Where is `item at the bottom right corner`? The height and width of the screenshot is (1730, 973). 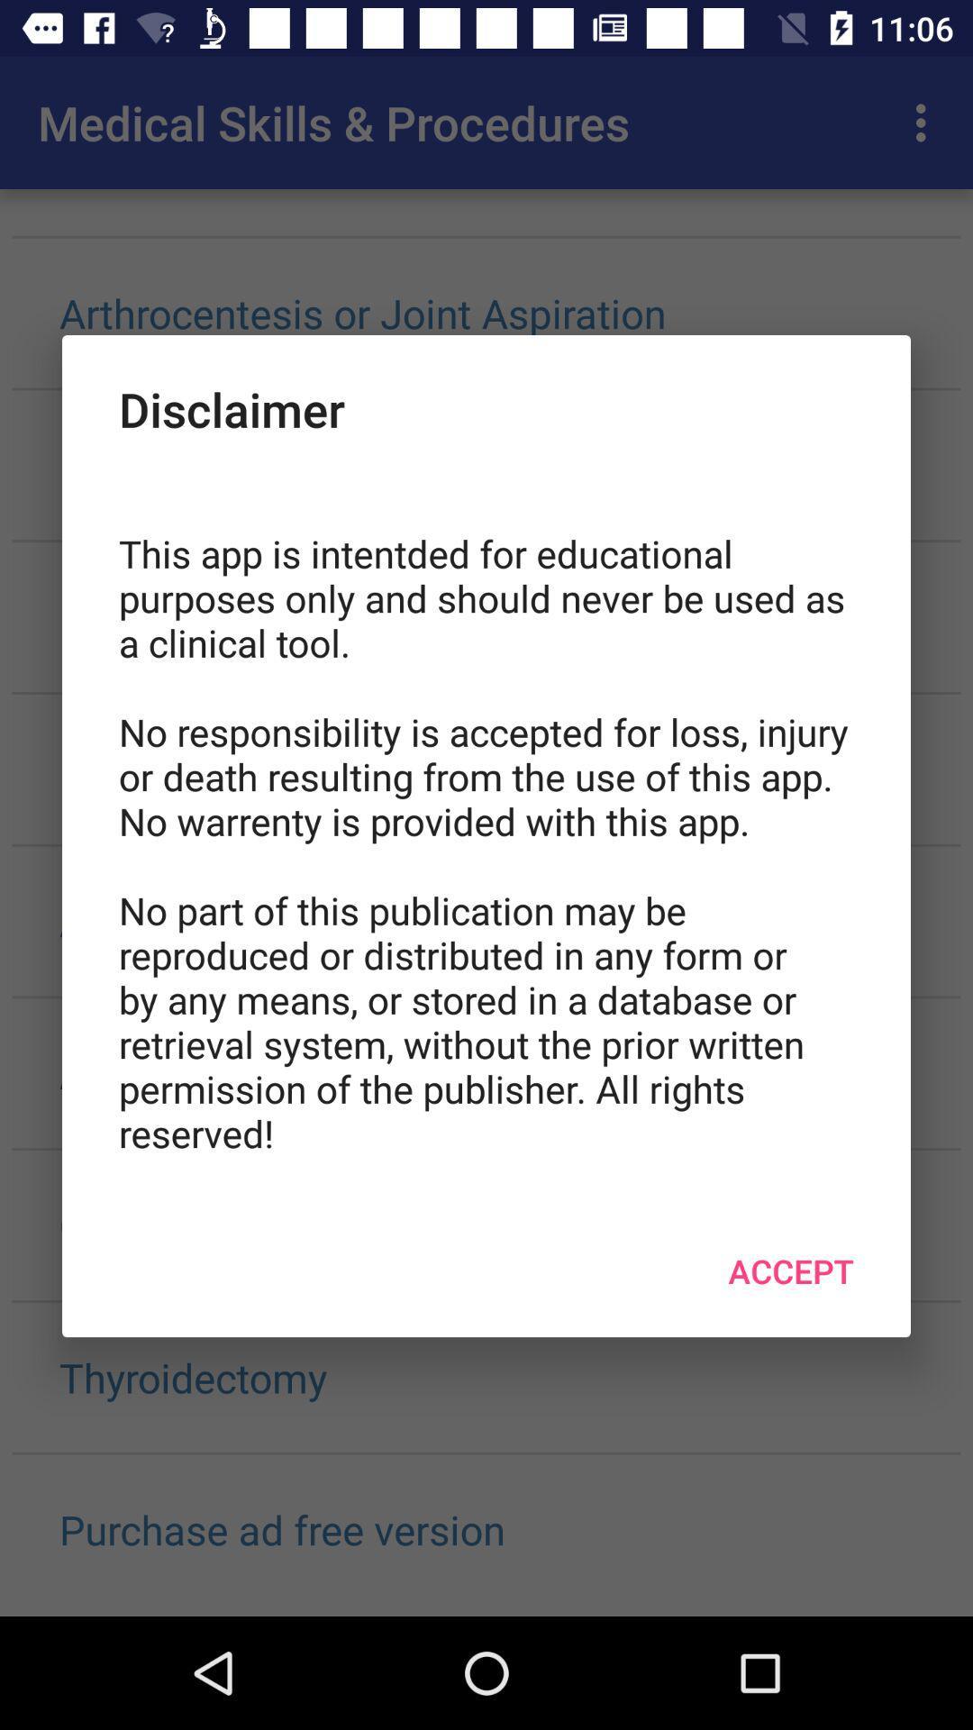 item at the bottom right corner is located at coordinates (790, 1270).